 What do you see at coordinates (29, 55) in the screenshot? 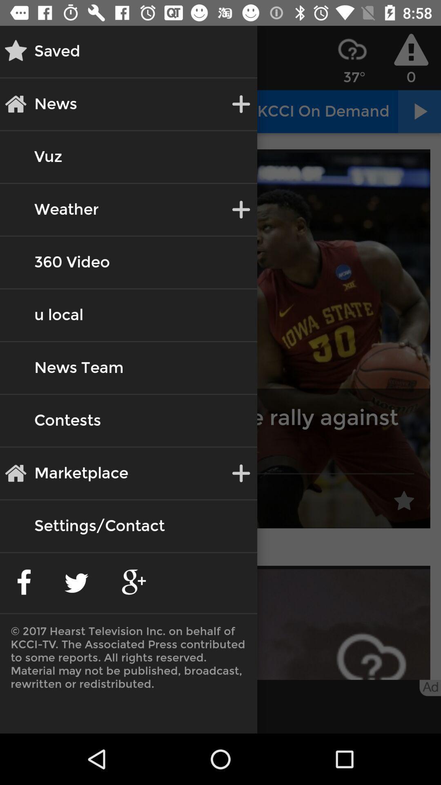
I see `the star icon` at bounding box center [29, 55].